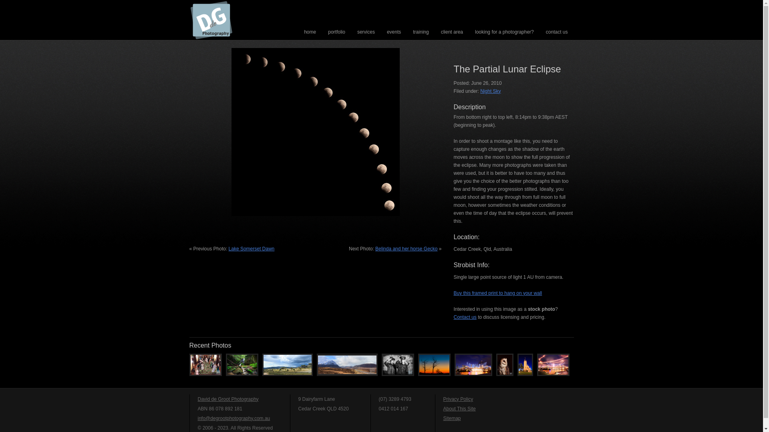  What do you see at coordinates (497, 293) in the screenshot?
I see `'Buy this framed print to hang on your wall'` at bounding box center [497, 293].